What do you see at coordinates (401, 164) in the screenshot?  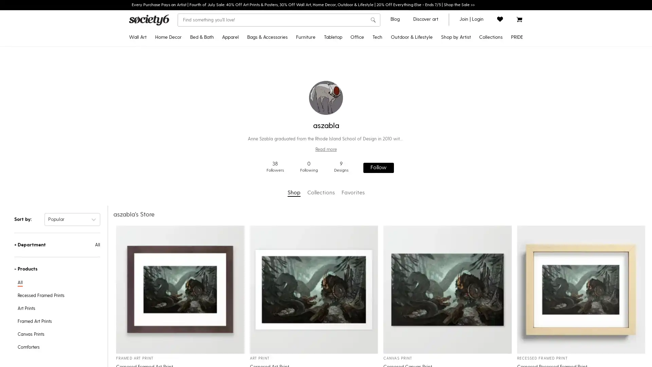 I see `Laptop Skins` at bounding box center [401, 164].